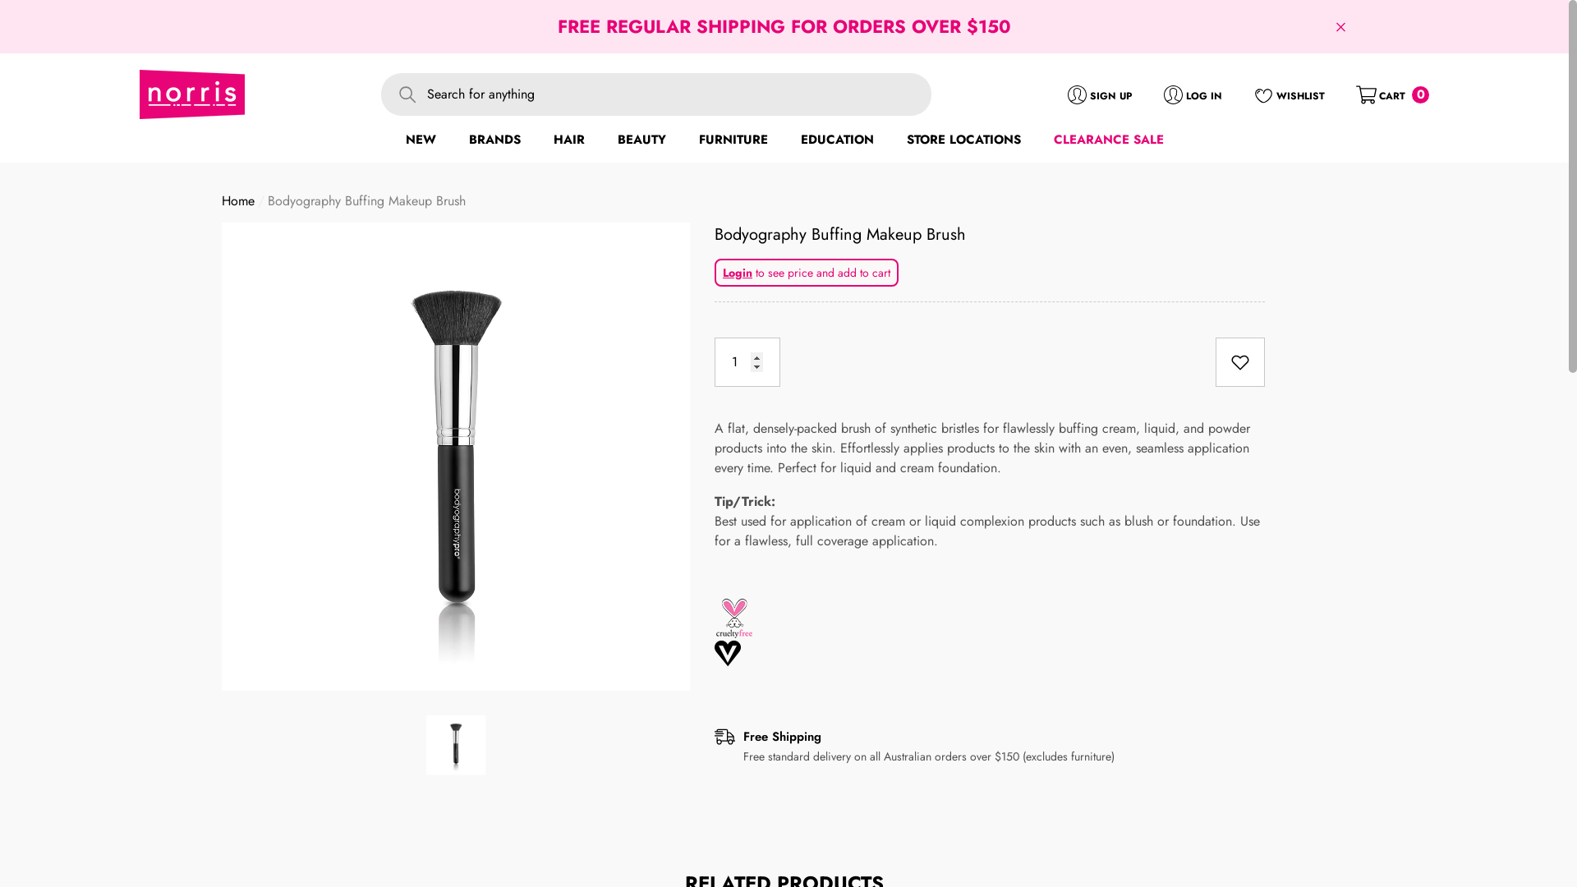 This screenshot has height=887, width=1577. Describe the element at coordinates (963, 140) in the screenshot. I see `'STORE LOCATIONS'` at that location.